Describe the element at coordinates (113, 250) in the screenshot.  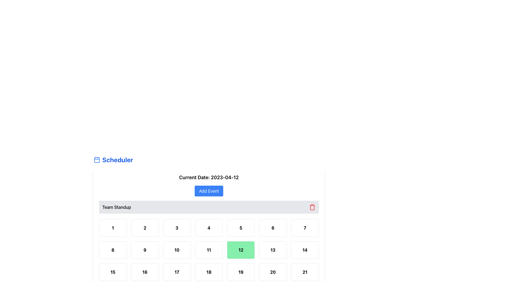
I see `the square button displaying the number '8' in the calendar grid using keyboard navigation` at that location.